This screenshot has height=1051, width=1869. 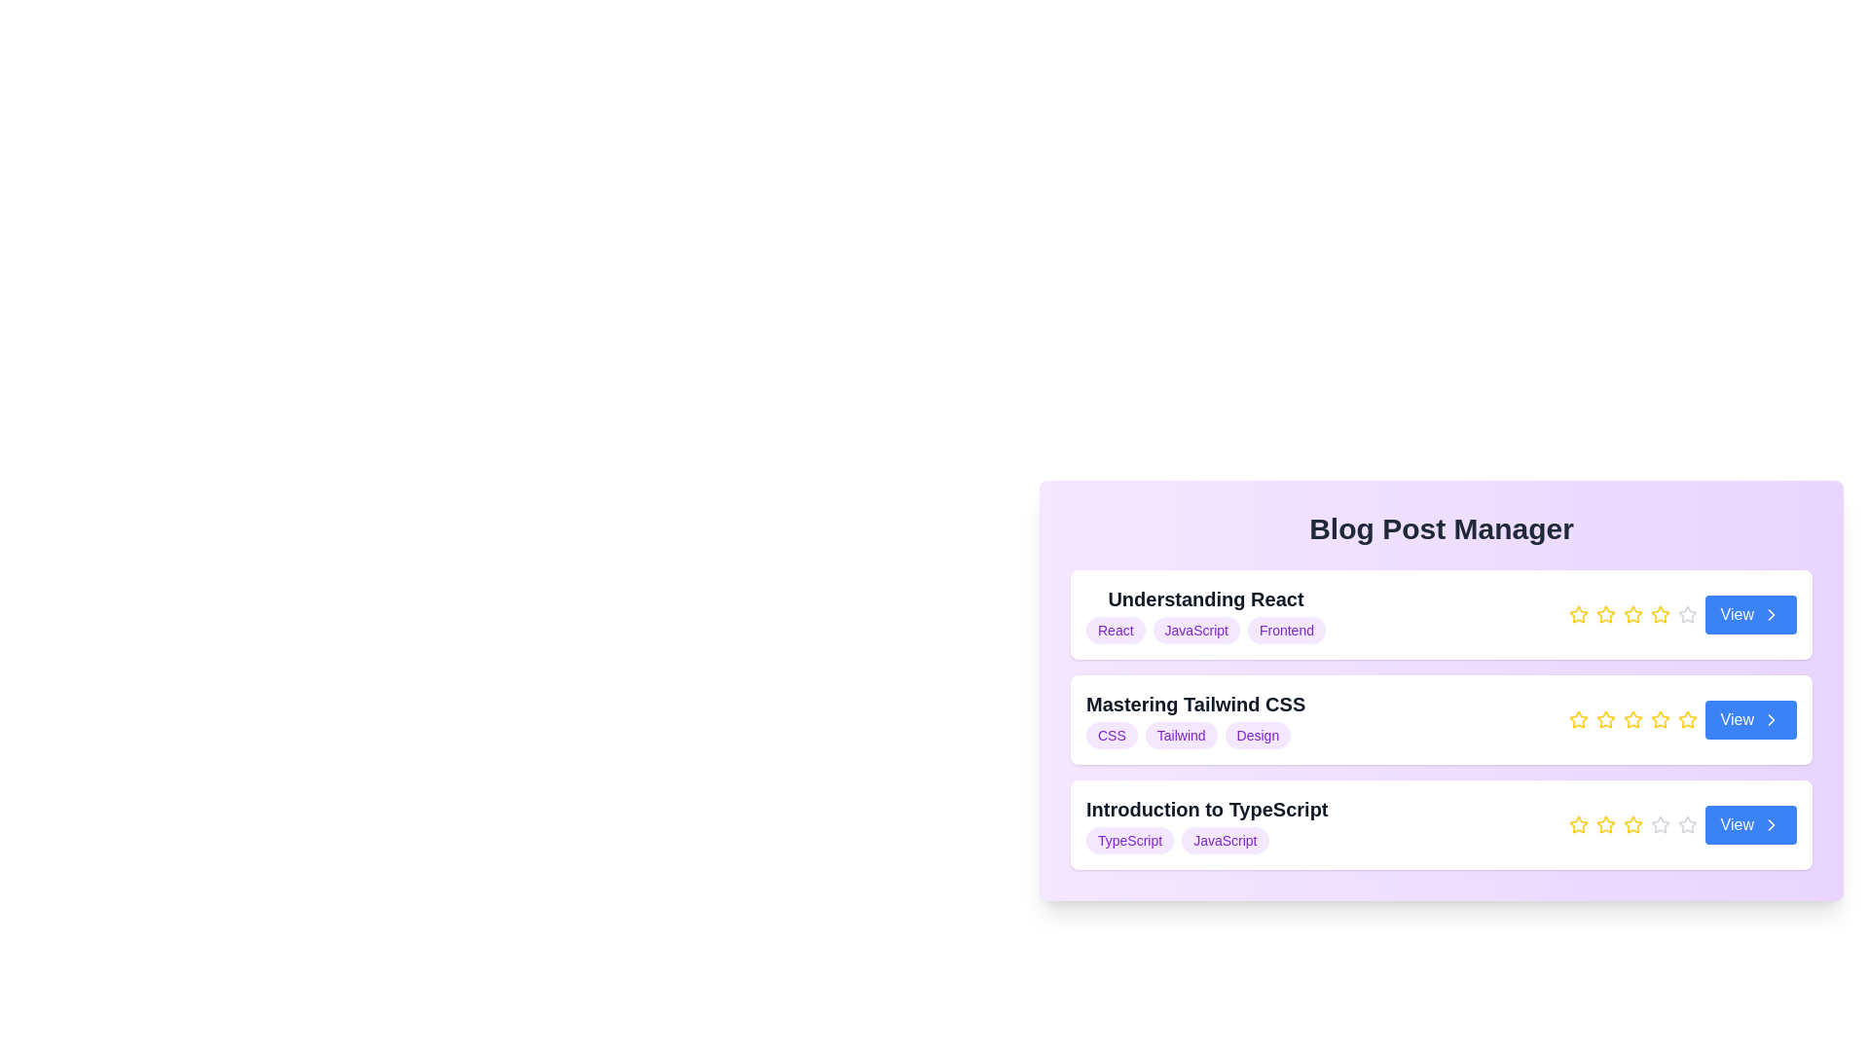 What do you see at coordinates (1771, 720) in the screenshot?
I see `the right-pointing chevron icon located to the right of the 'View' button in the Blog Post Manager panel, which serves as a navigational indicator` at bounding box center [1771, 720].